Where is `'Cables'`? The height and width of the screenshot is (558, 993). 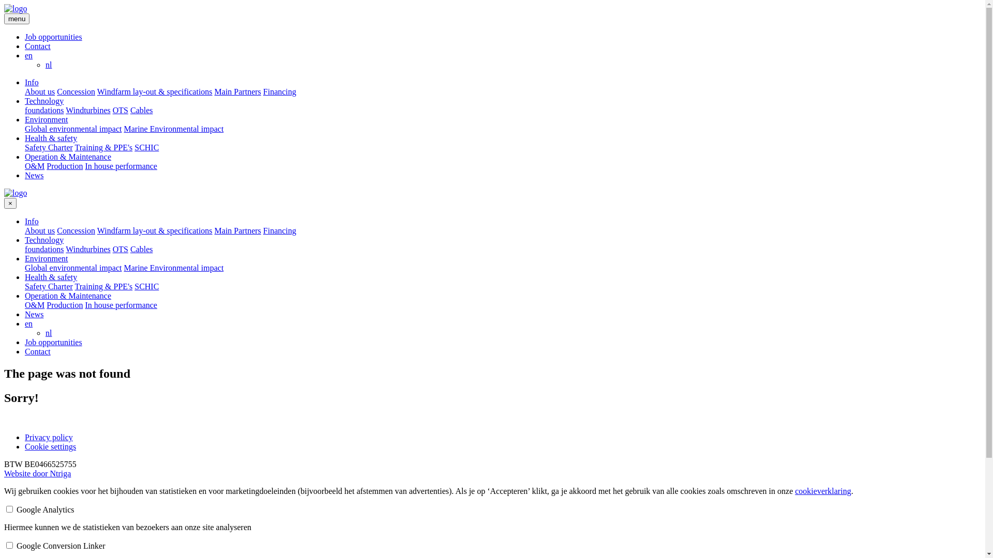
'Cables' is located at coordinates (141, 249).